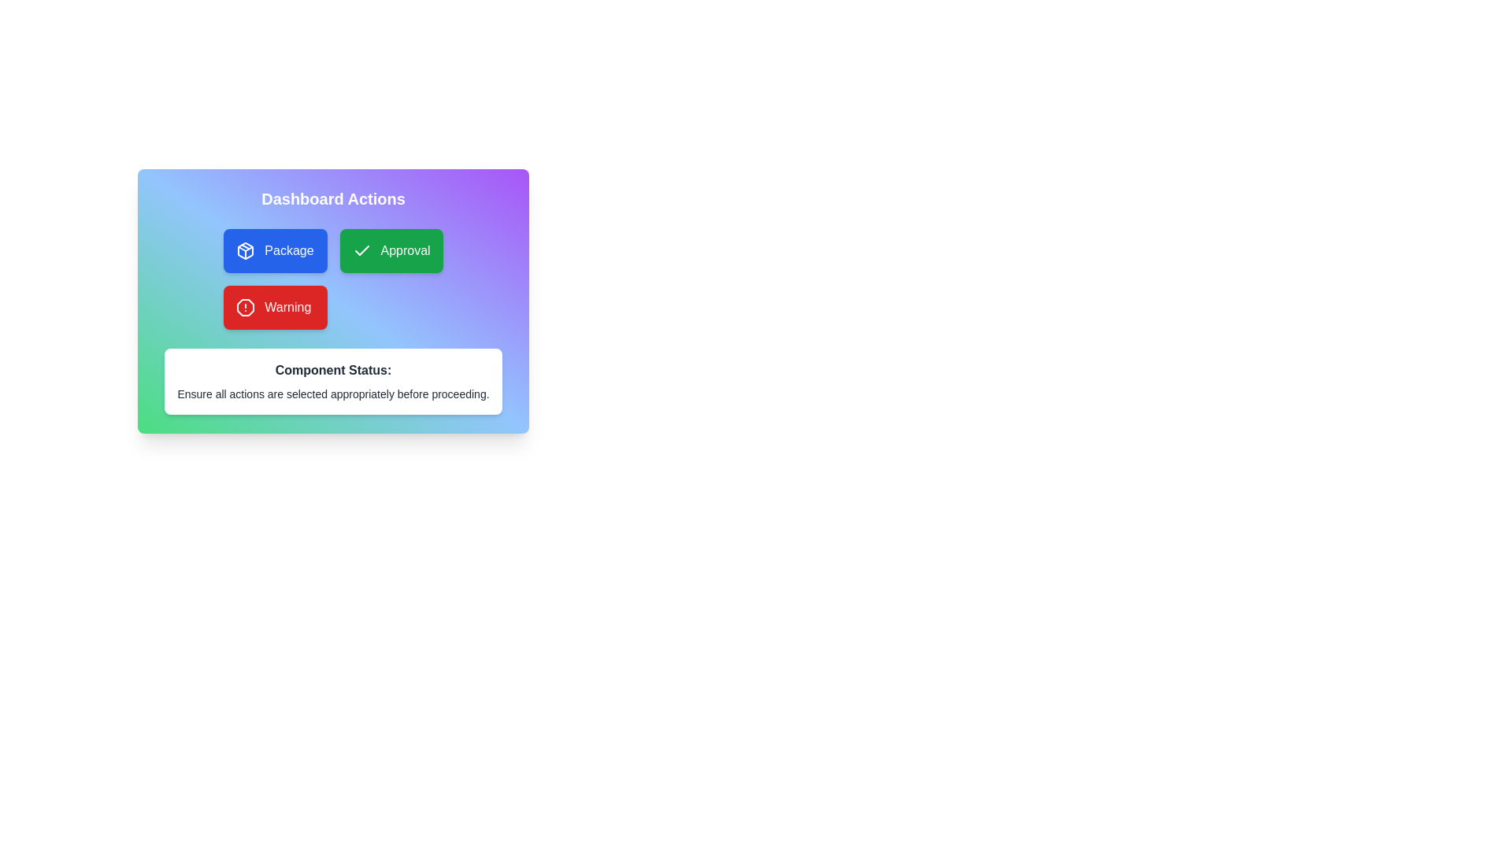  What do you see at coordinates (332, 394) in the screenshot?
I see `informational message located in the static text box, which is positioned below 'Component Status:' in the interface` at bounding box center [332, 394].